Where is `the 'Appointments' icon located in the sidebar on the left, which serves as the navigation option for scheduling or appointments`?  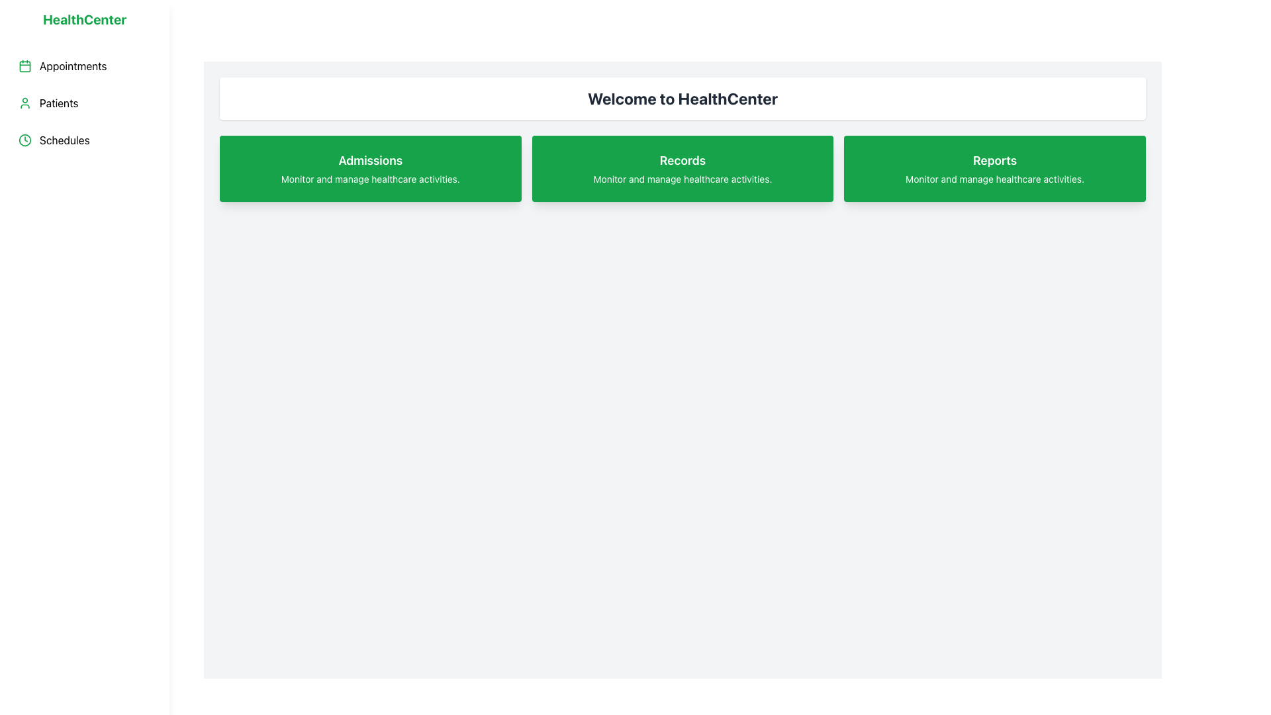 the 'Appointments' icon located in the sidebar on the left, which serves as the navigation option for scheduling or appointments is located at coordinates (25, 66).